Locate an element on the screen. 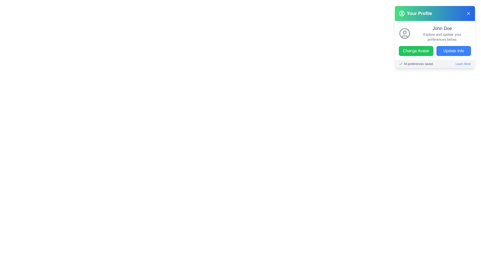 Image resolution: width=481 pixels, height=270 pixels. the 'Update Info' button, which is a rectangular button with white text on a blue background, located to the right of the 'Change Avatar' button is located at coordinates (453, 51).